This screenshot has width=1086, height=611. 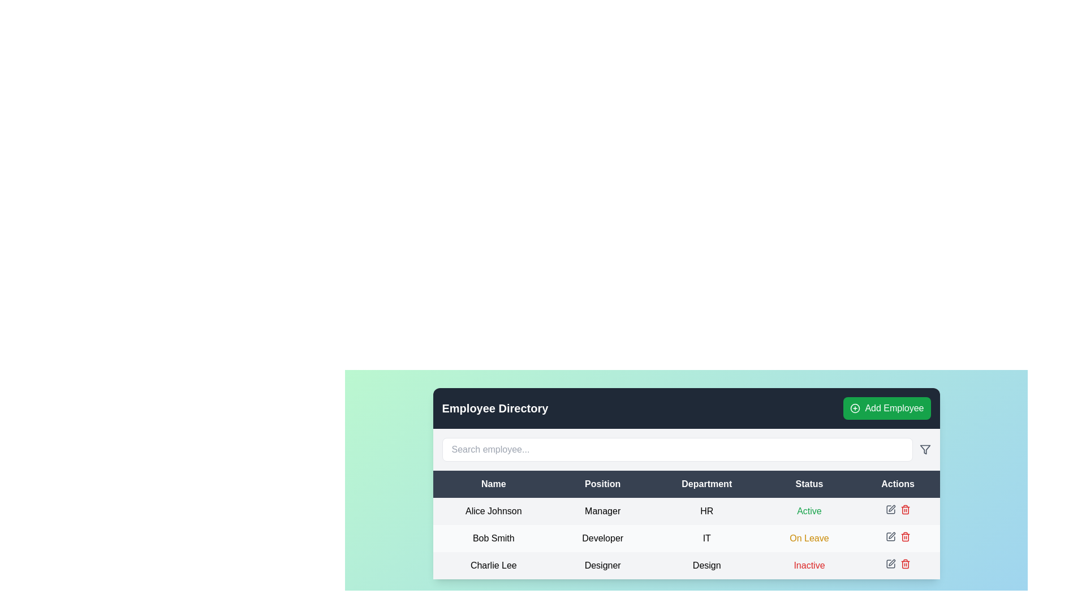 I want to click on the second row in the table that displays an employee's details, located below the row labeled 'Alice Johnson', so click(x=686, y=538).